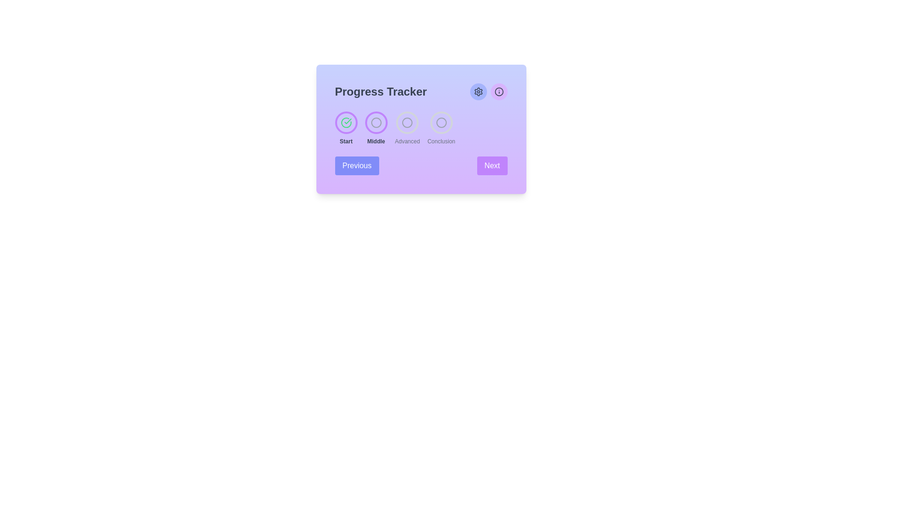  What do you see at coordinates (345, 128) in the screenshot?
I see `the 'Start' step in the Progress Step Indicator, which visually indicates the current progress status in a multi-step process` at bounding box center [345, 128].